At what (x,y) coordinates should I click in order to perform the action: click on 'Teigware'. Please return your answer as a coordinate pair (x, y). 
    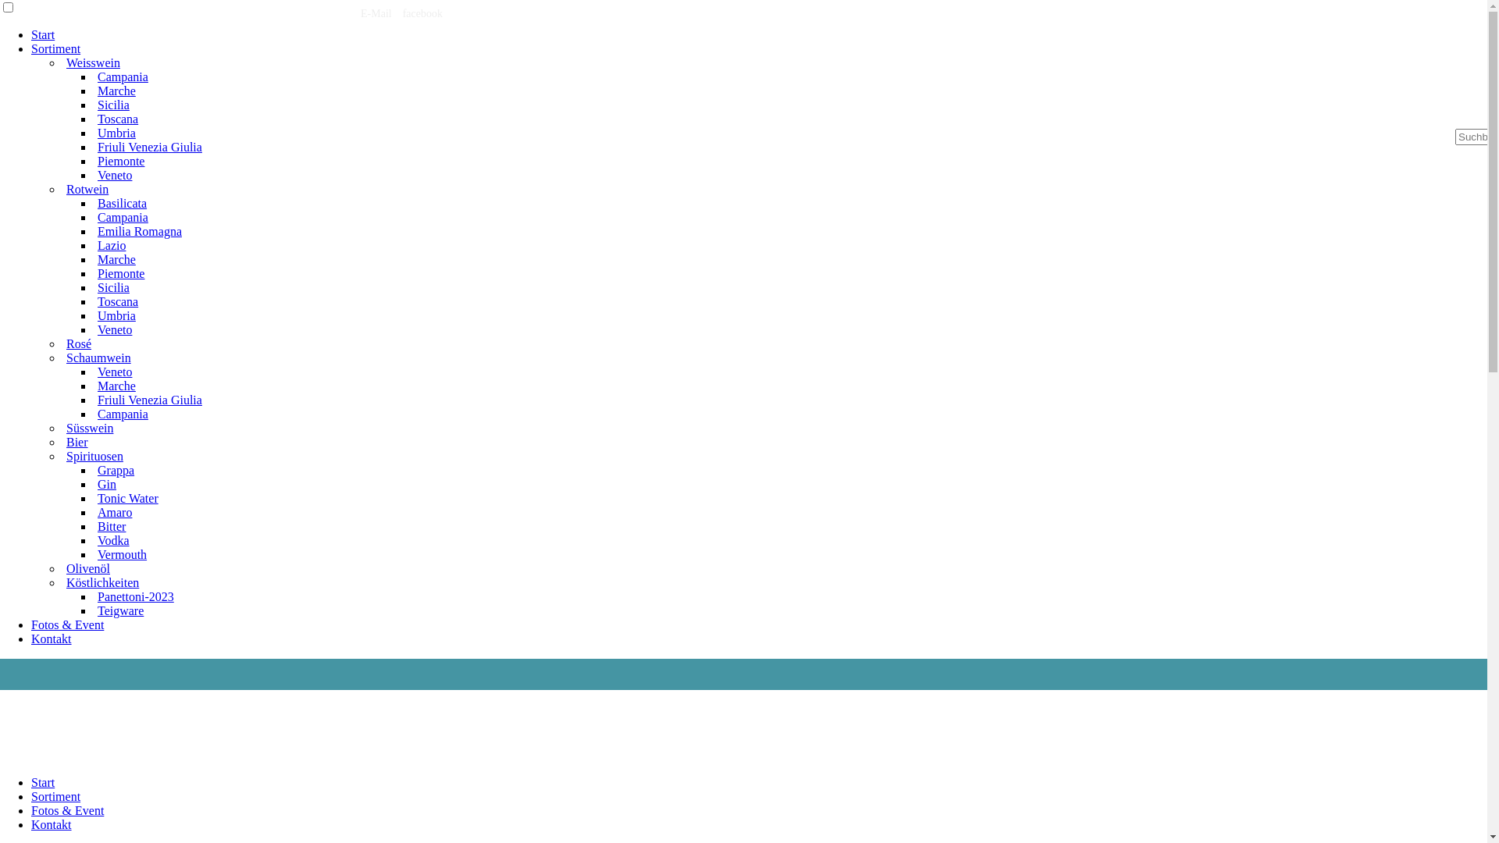
    Looking at the image, I should click on (119, 610).